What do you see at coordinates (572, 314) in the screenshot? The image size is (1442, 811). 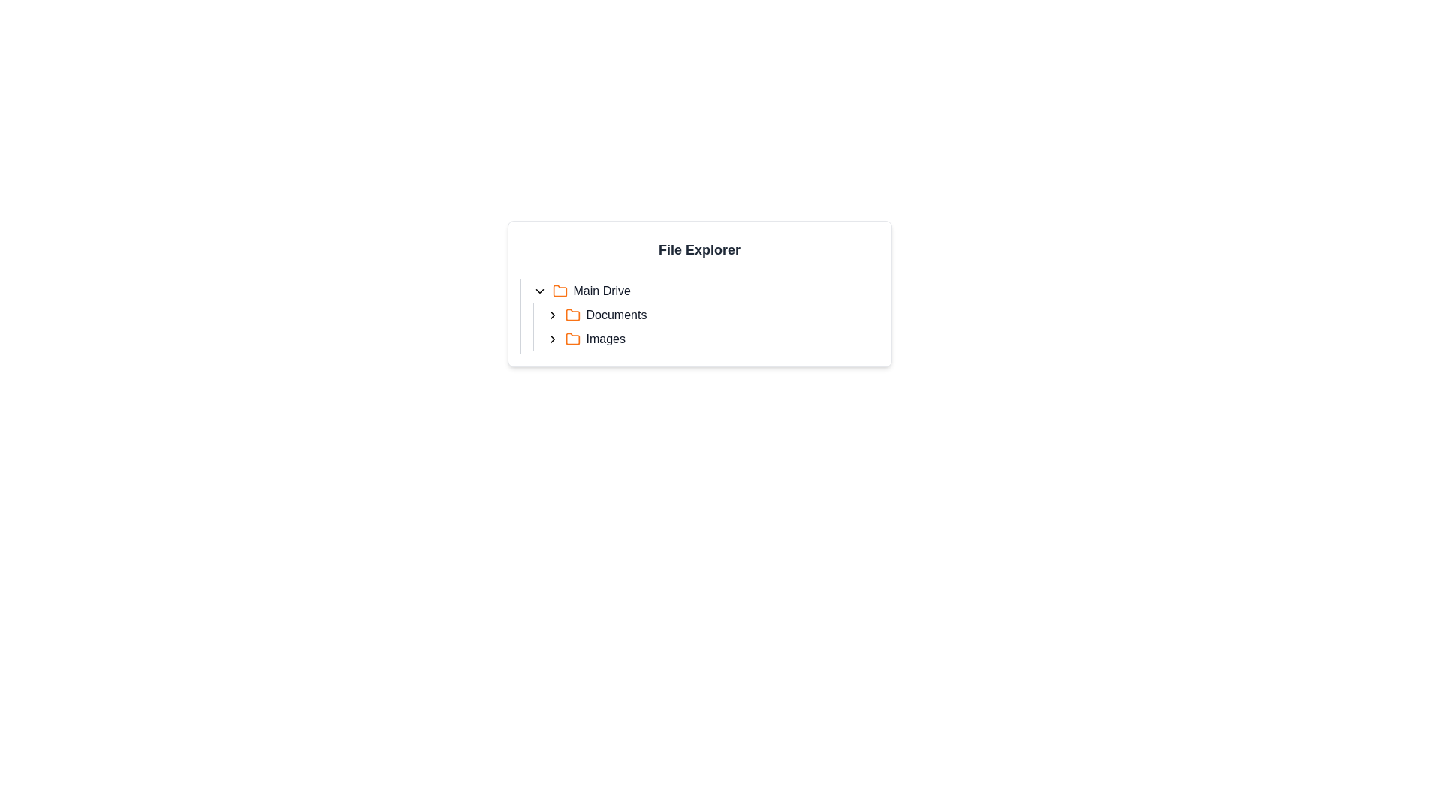 I see `the orange folder icon labeled 'Documents' in the file explorer interface, which is located under 'Main Drive' and above 'Images'` at bounding box center [572, 314].